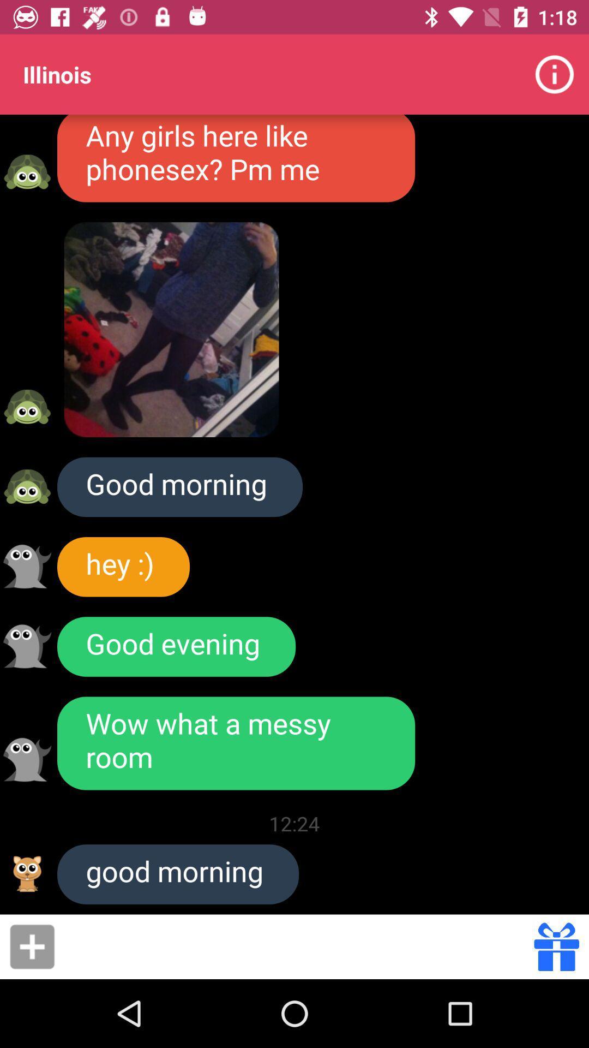 The image size is (589, 1048). Describe the element at coordinates (172, 329) in the screenshot. I see `the icon below the any girls here` at that location.